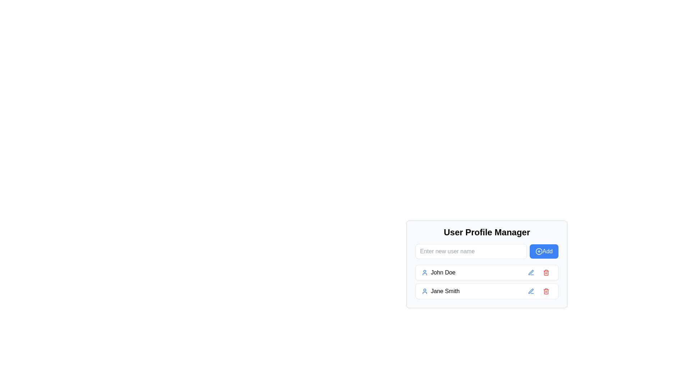  Describe the element at coordinates (544, 251) in the screenshot. I see `the rectangular 'Add' button with a blue background and white text located in the 'User Profile Manager' section` at that location.